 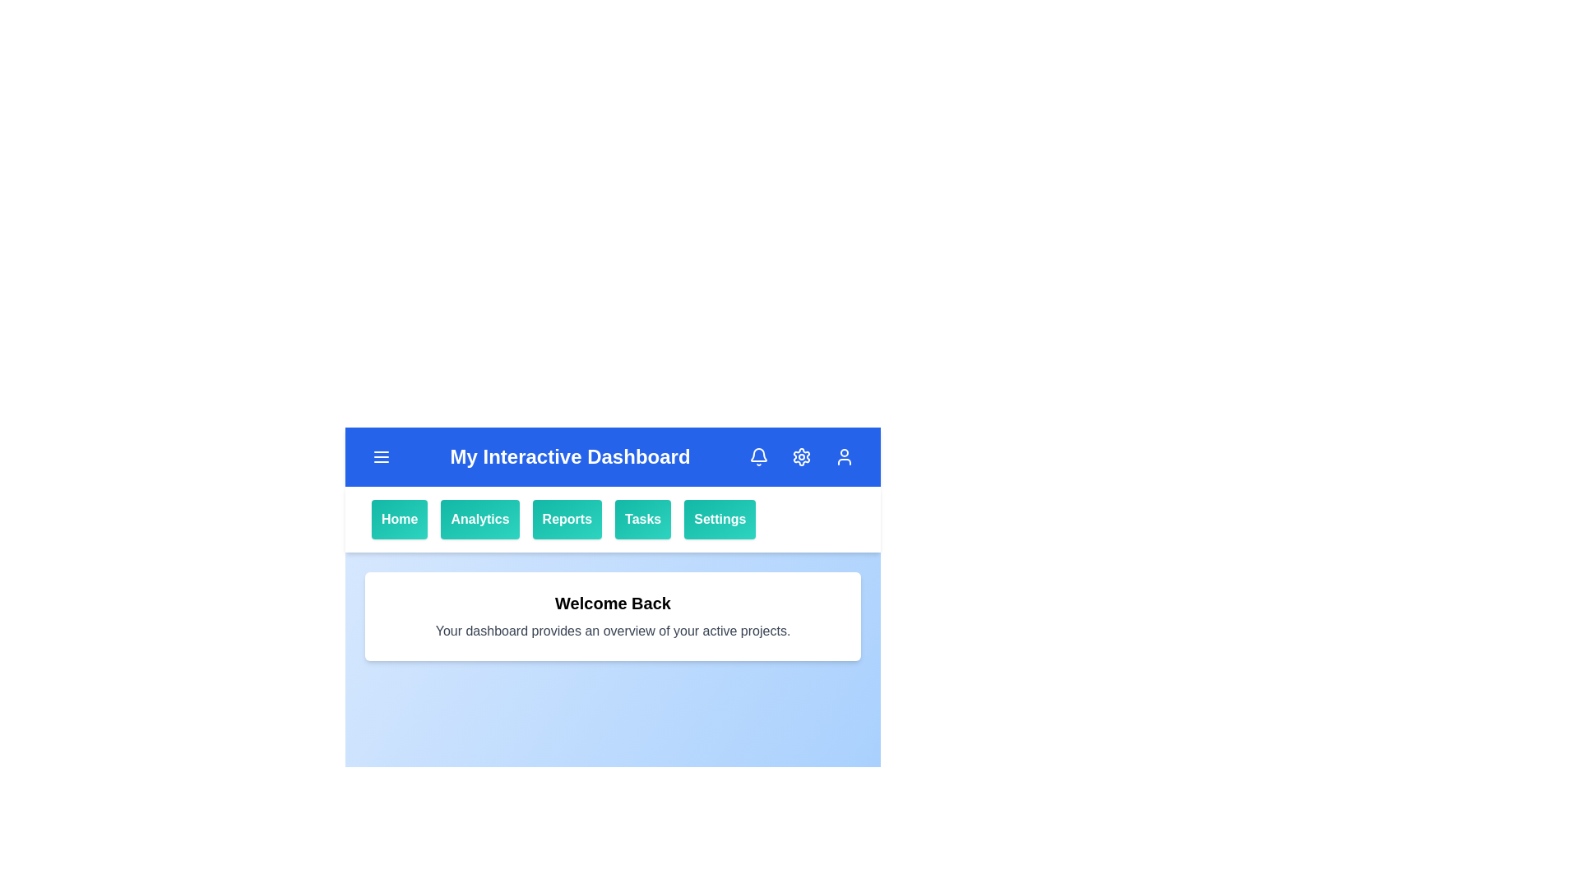 What do you see at coordinates (381, 456) in the screenshot?
I see `the menu_button to observe the hover effect` at bounding box center [381, 456].